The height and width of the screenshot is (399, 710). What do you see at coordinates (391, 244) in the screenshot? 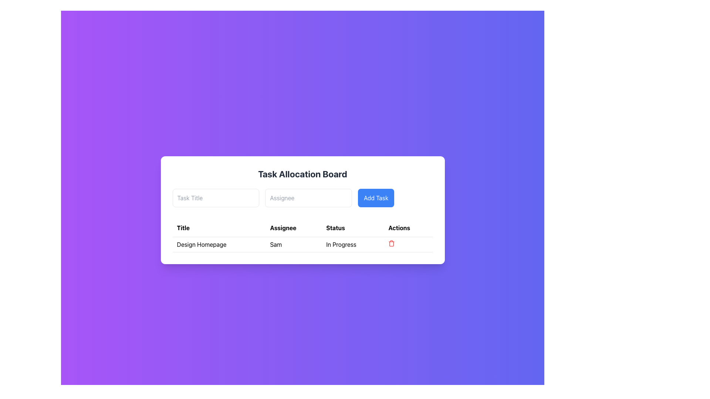
I see `the trash bin icon in the 'Actions' column of the table row, which indicates a delete action` at bounding box center [391, 244].